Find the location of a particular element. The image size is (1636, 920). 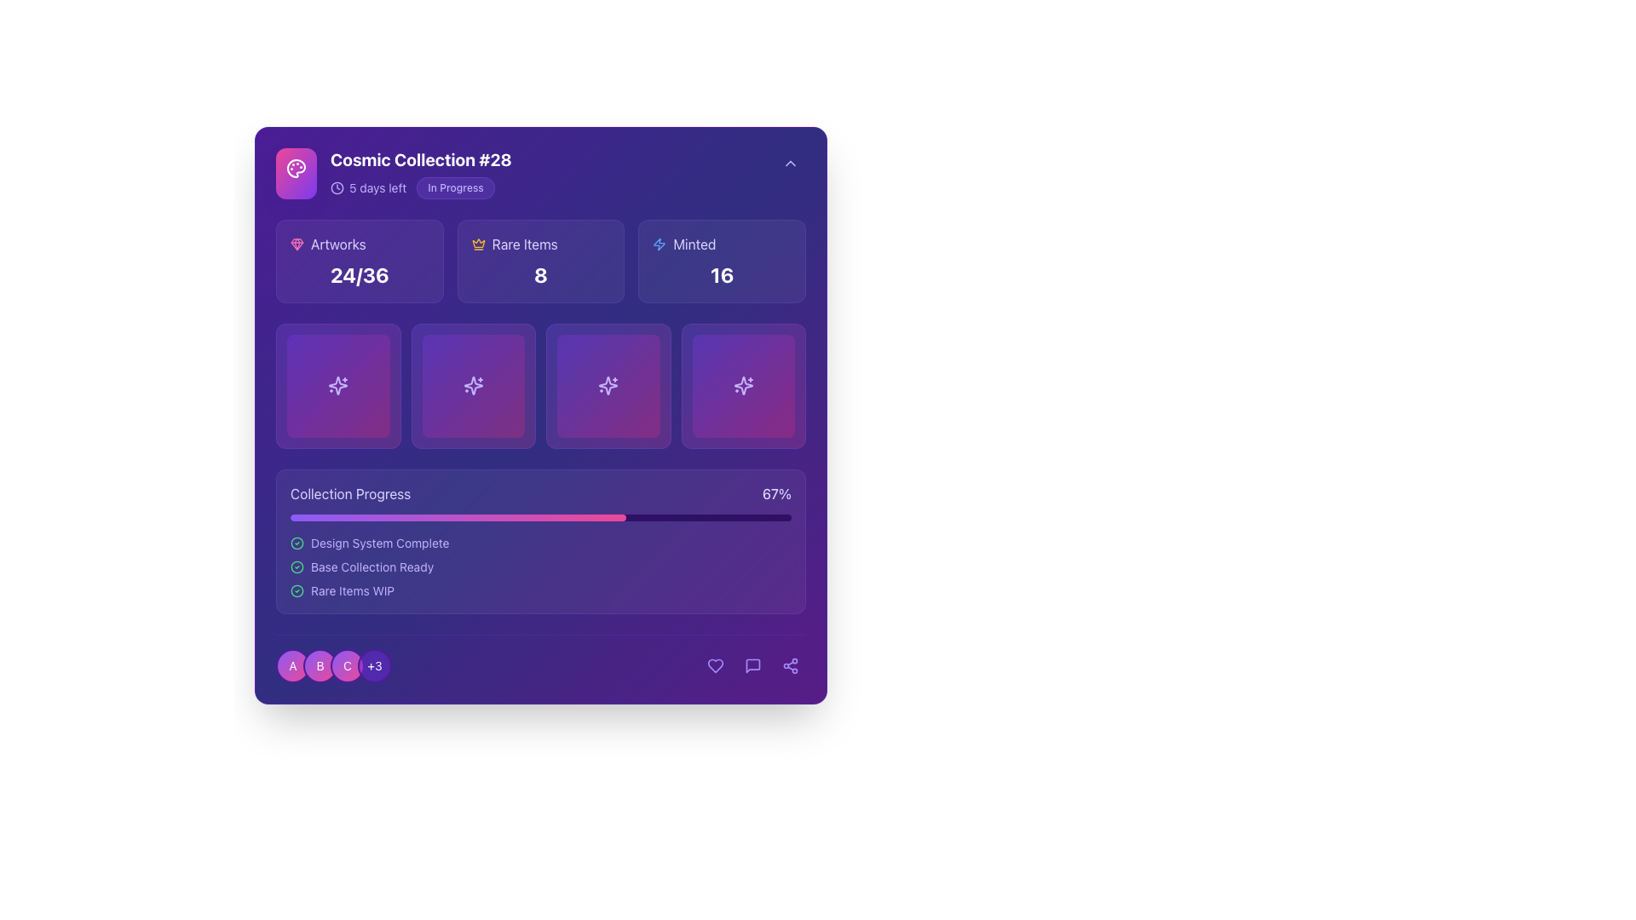

the decorative star-shaped icon with a violet gradient located in the center of the purple card section in the interface is located at coordinates (338, 386).